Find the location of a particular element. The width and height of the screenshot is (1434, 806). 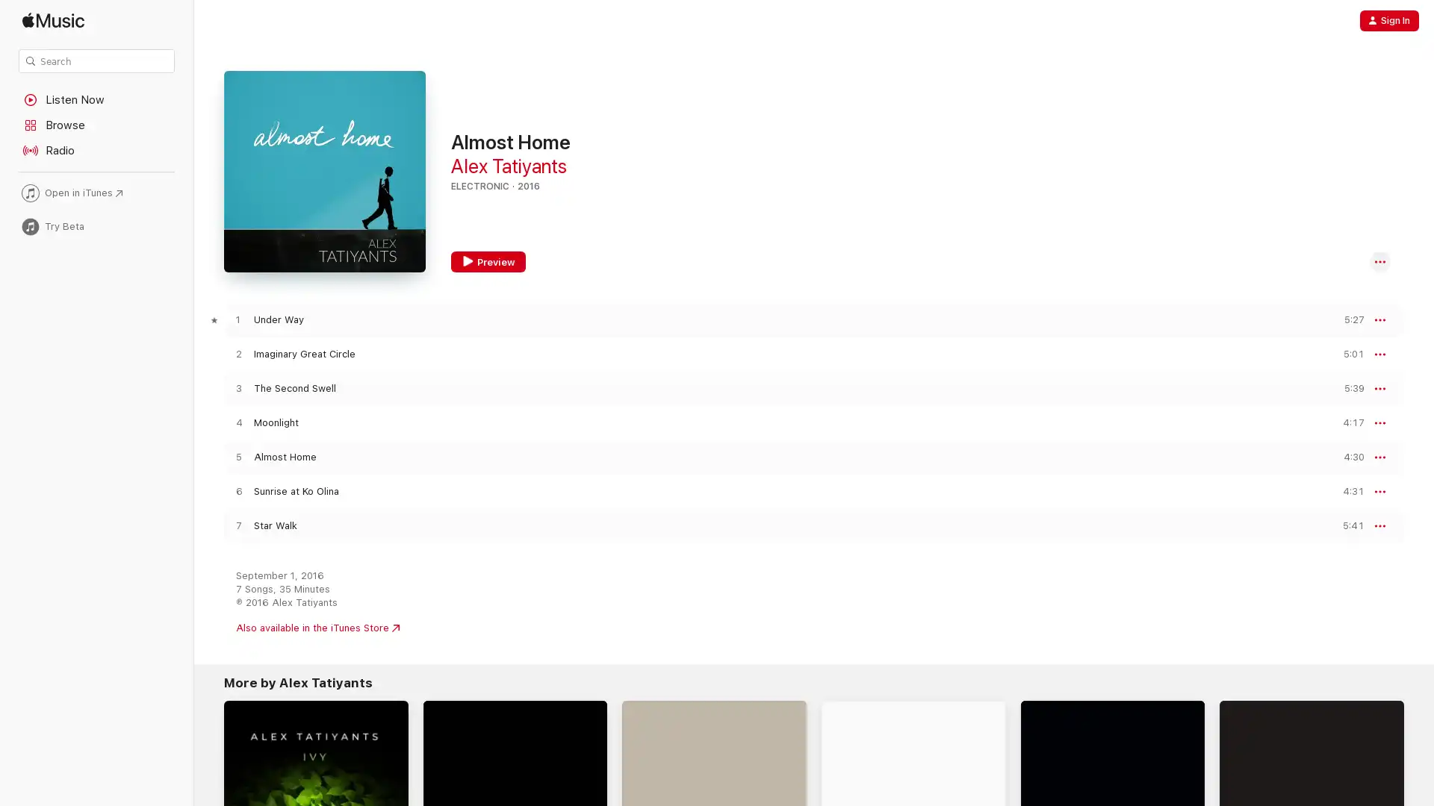

Preview is located at coordinates (488, 261).